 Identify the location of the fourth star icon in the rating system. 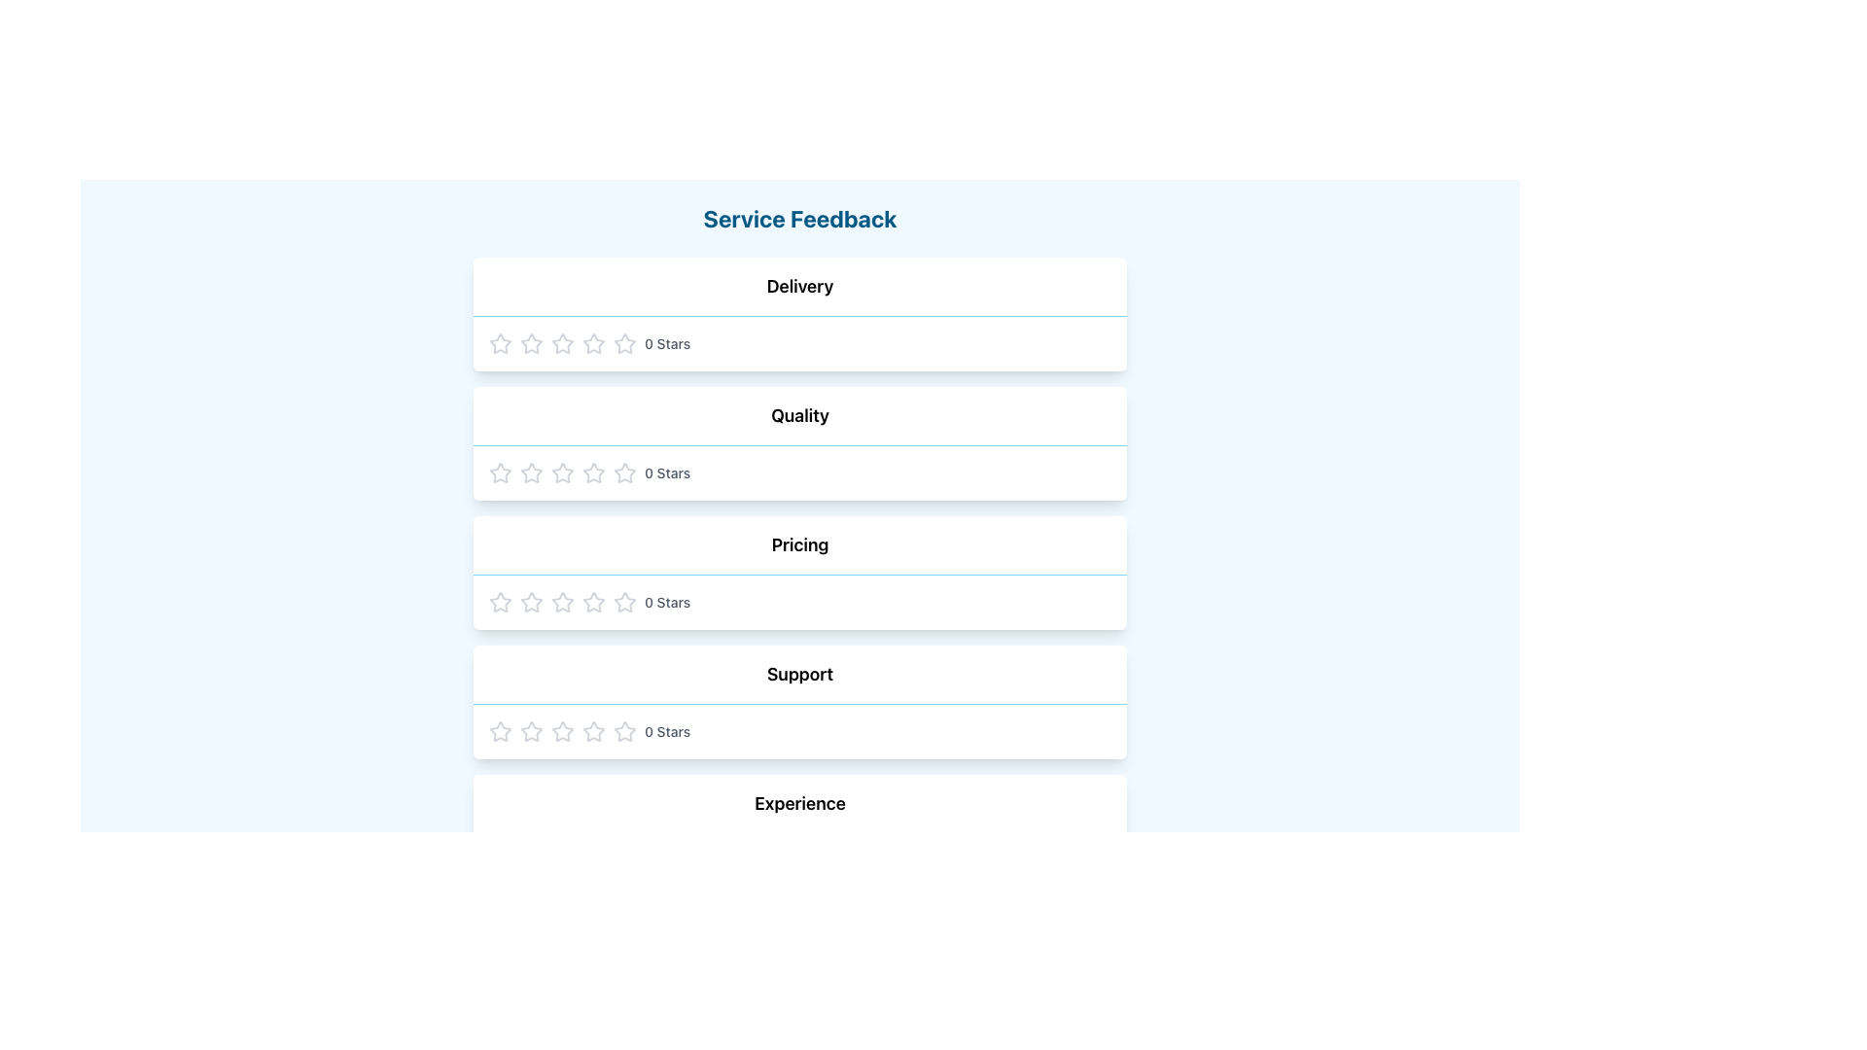
(562, 602).